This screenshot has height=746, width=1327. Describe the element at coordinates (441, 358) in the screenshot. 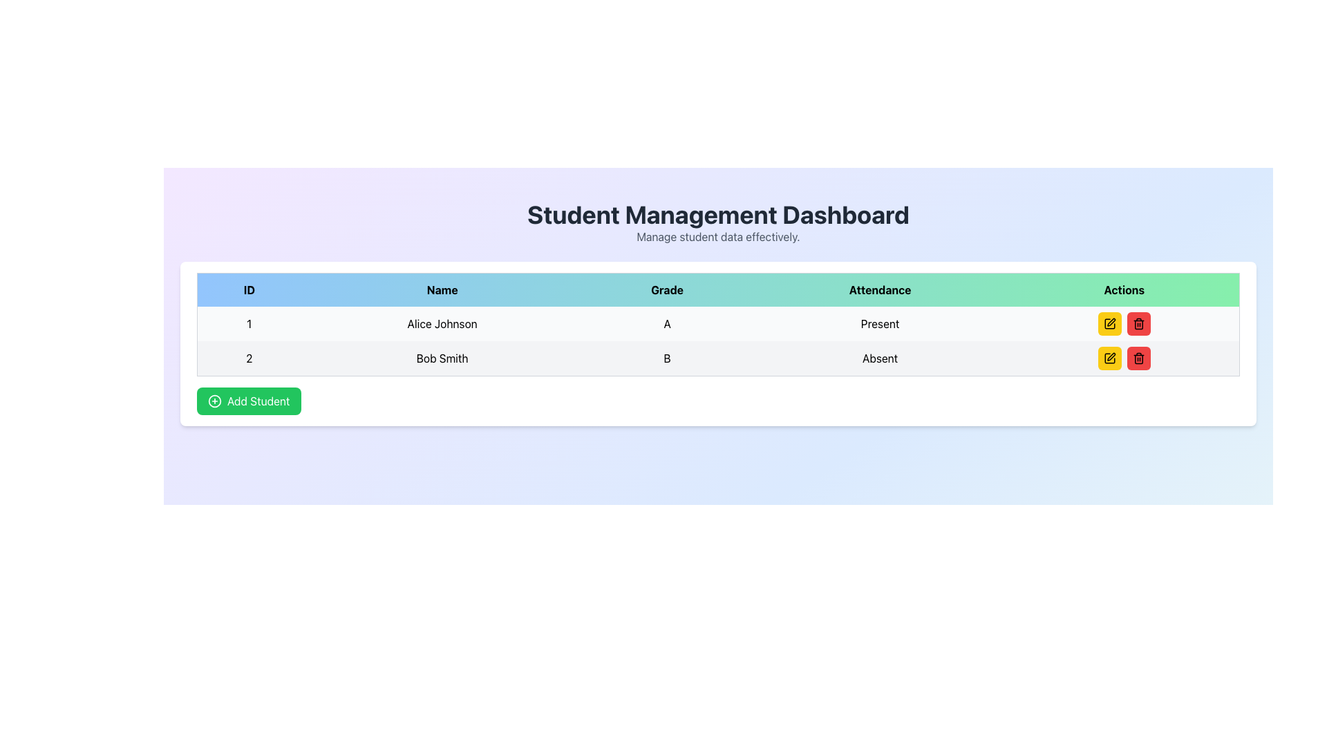

I see `the text label representing the name 'Bob Smith' in the second row of the table` at that location.